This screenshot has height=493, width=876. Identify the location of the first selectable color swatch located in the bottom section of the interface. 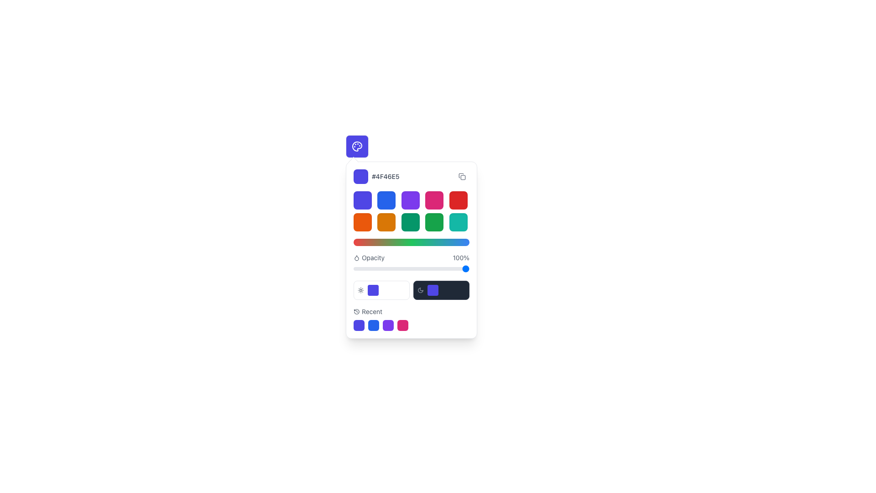
(359, 325).